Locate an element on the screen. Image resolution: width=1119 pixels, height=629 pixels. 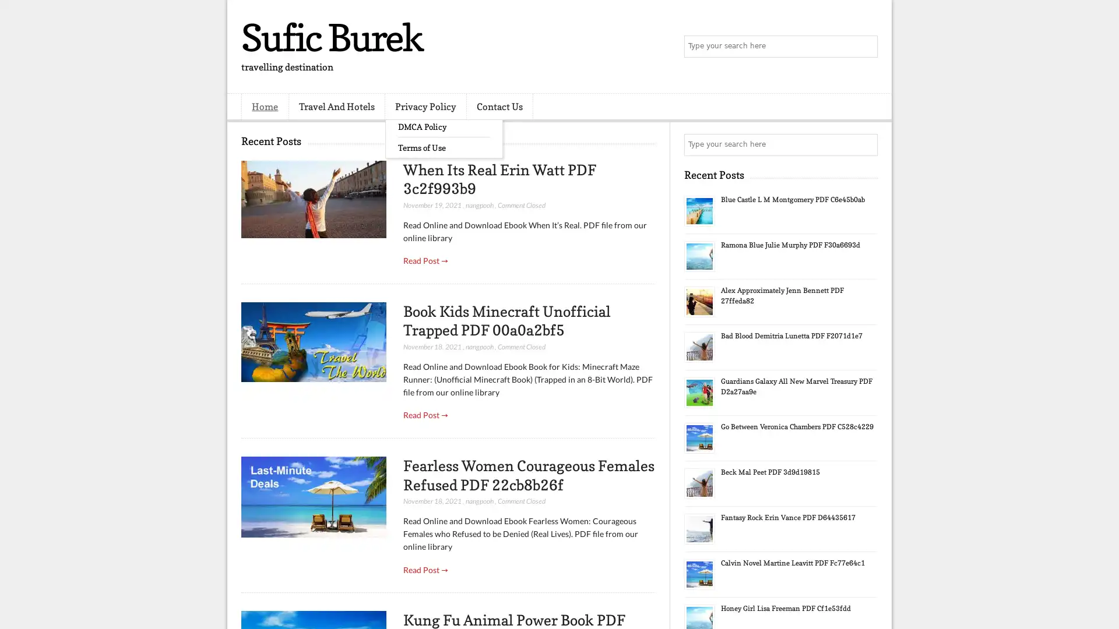
Search is located at coordinates (865, 47).